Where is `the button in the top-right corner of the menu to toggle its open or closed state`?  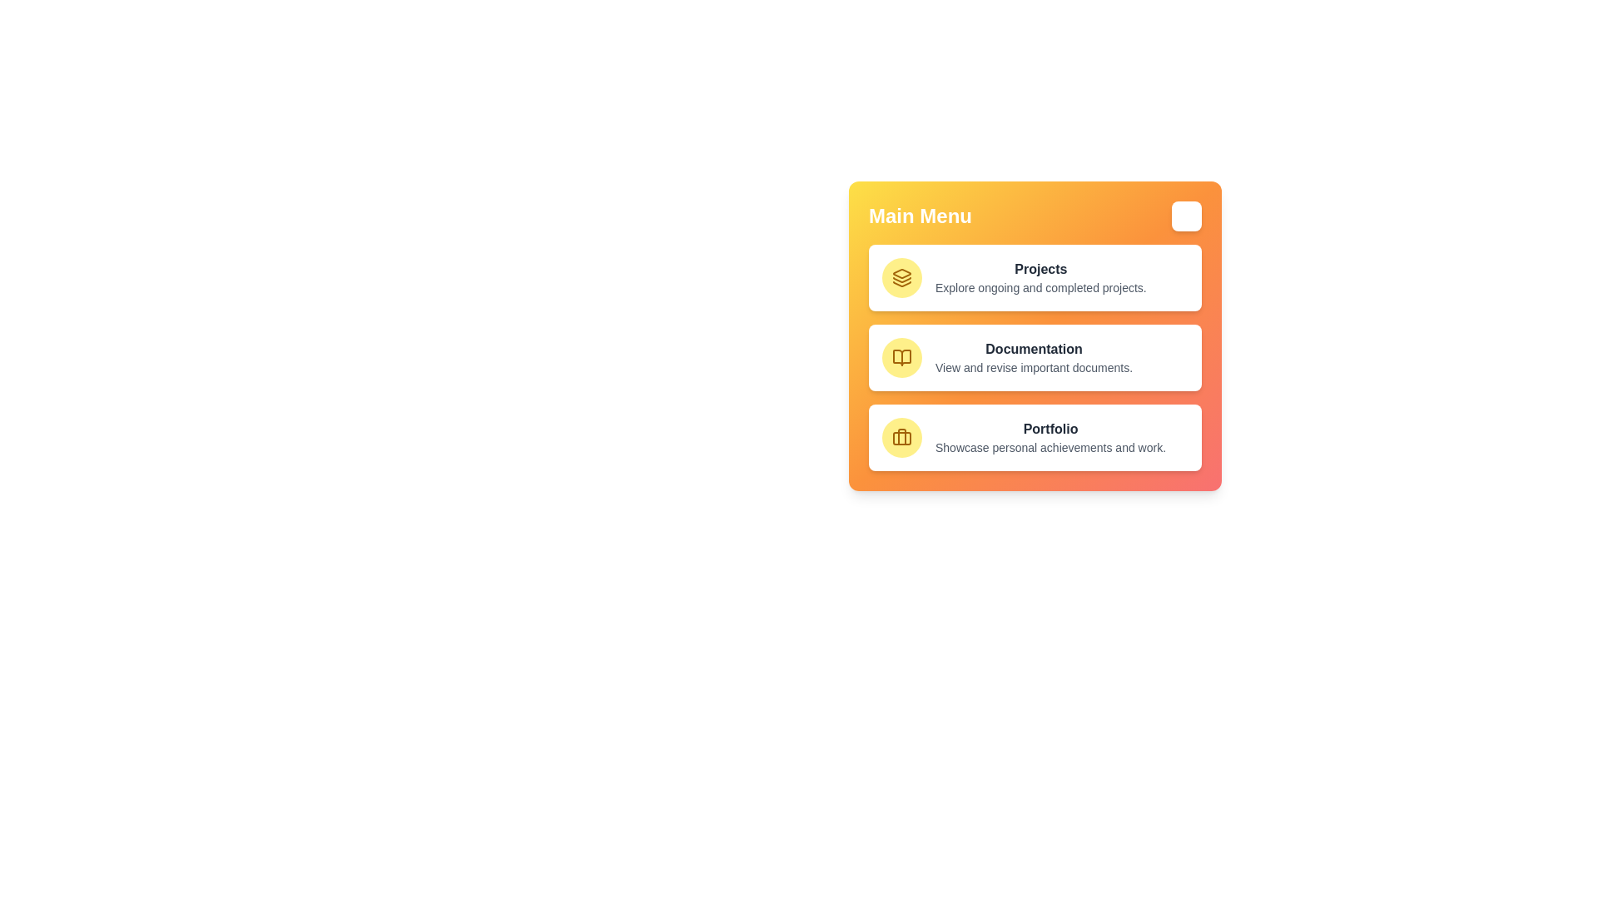 the button in the top-right corner of the menu to toggle its open or closed state is located at coordinates (1185, 215).